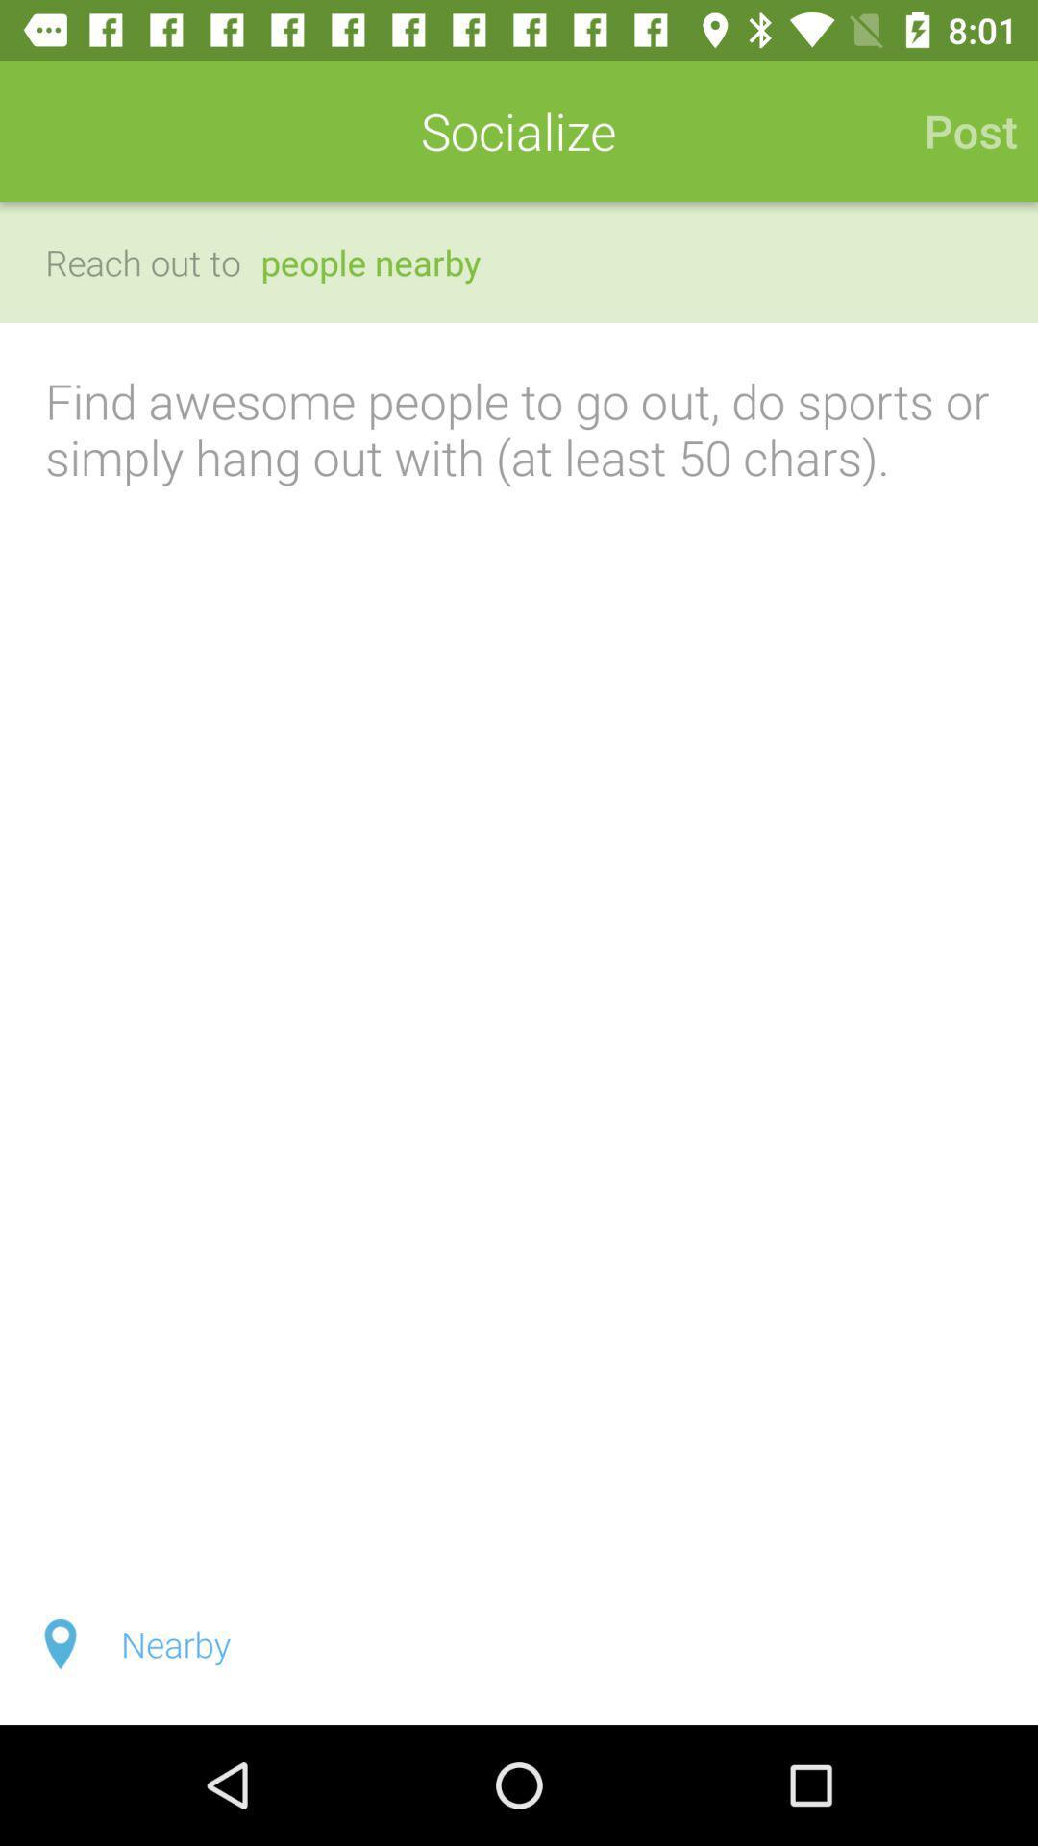 The height and width of the screenshot is (1846, 1038). What do you see at coordinates (519, 1642) in the screenshot?
I see `nearby option` at bounding box center [519, 1642].